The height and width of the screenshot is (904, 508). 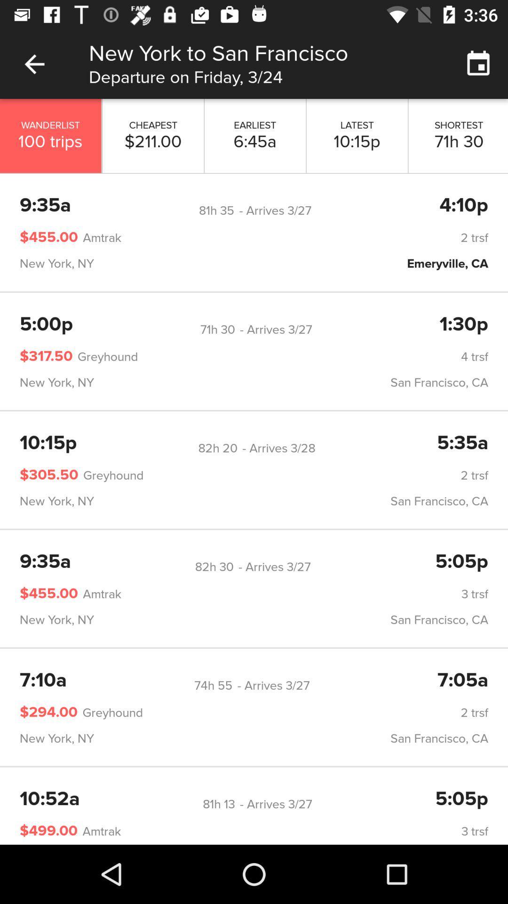 What do you see at coordinates (34, 64) in the screenshot?
I see `icon above wanderlist` at bounding box center [34, 64].